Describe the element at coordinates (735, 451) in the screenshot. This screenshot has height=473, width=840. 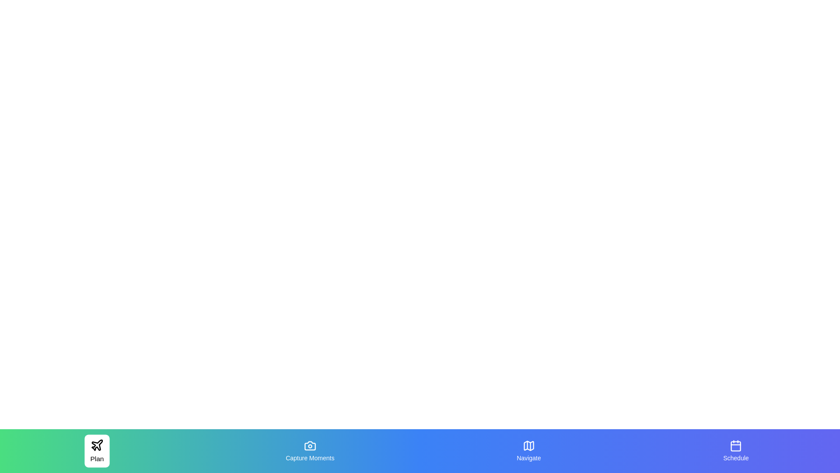
I see `the tab labeled Schedule by clicking on it` at that location.